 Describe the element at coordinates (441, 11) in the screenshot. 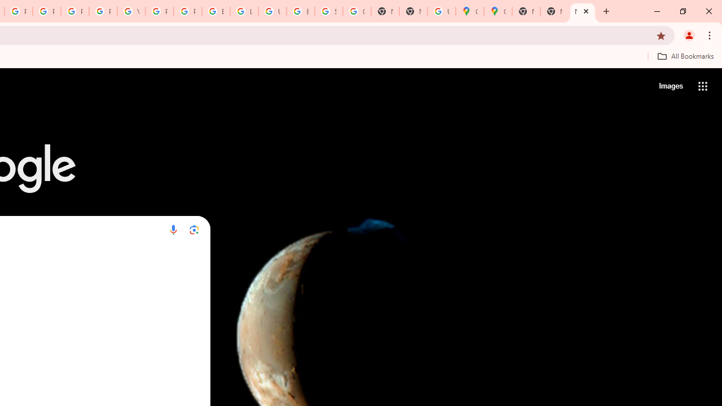

I see `'Use Google Maps in Space - Google Maps Help'` at that location.